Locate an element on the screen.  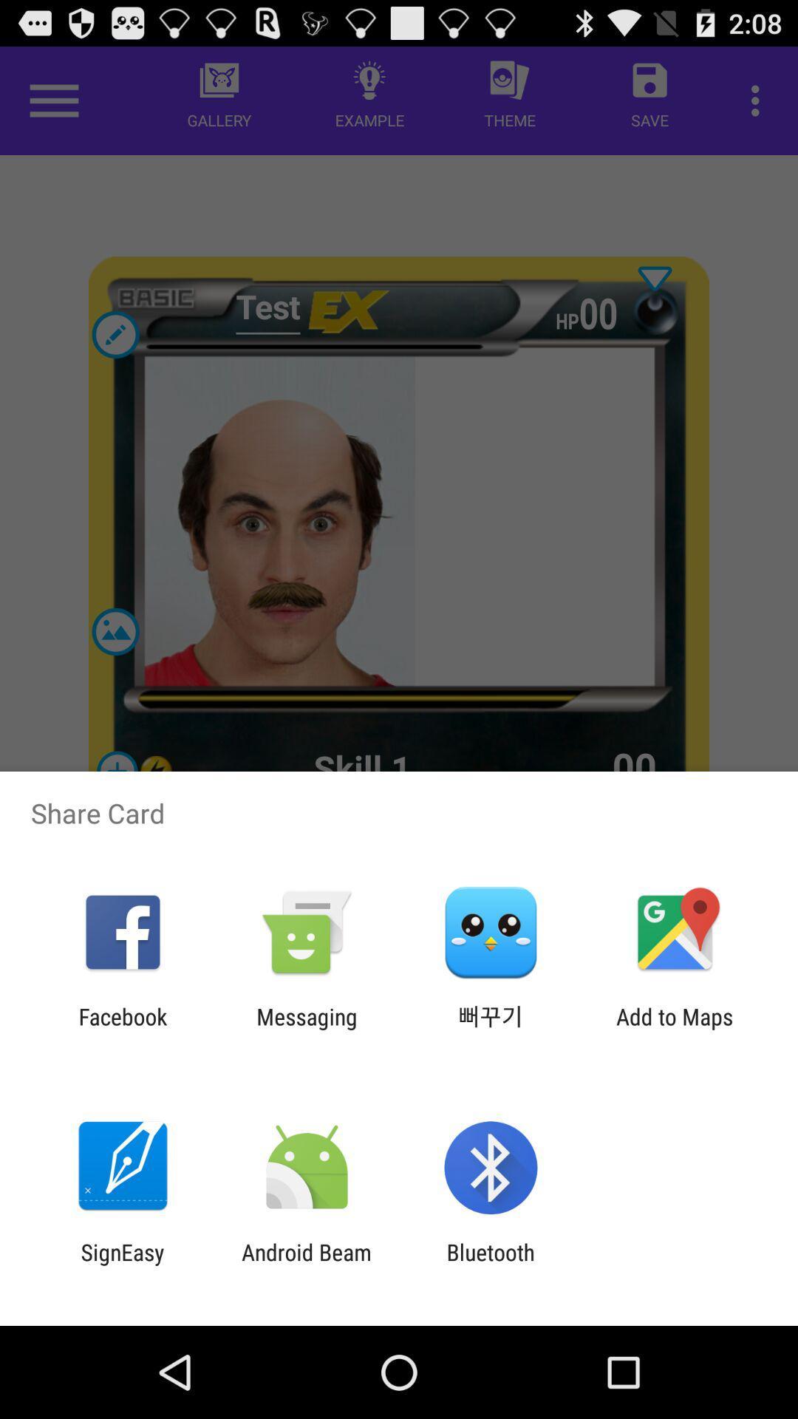
the android beam icon is located at coordinates (306, 1265).